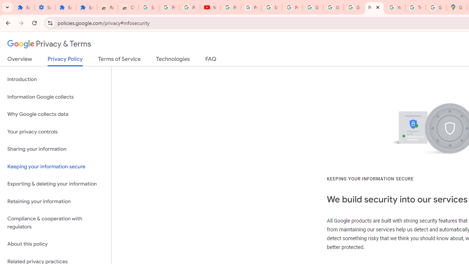  Describe the element at coordinates (65, 60) in the screenshot. I see `'Privacy Policy'` at that location.